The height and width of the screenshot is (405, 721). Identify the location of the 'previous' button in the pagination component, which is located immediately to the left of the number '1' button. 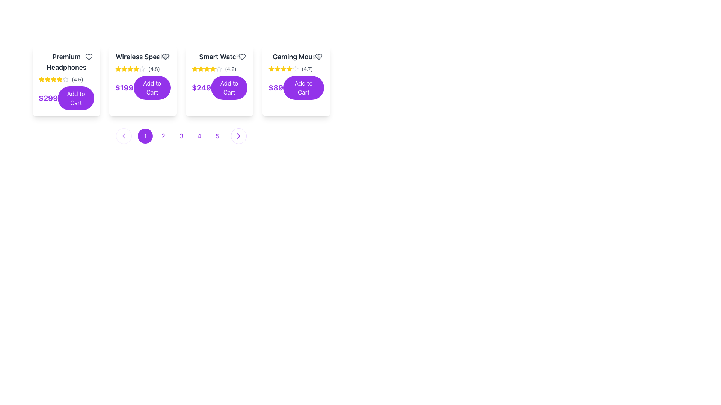
(124, 136).